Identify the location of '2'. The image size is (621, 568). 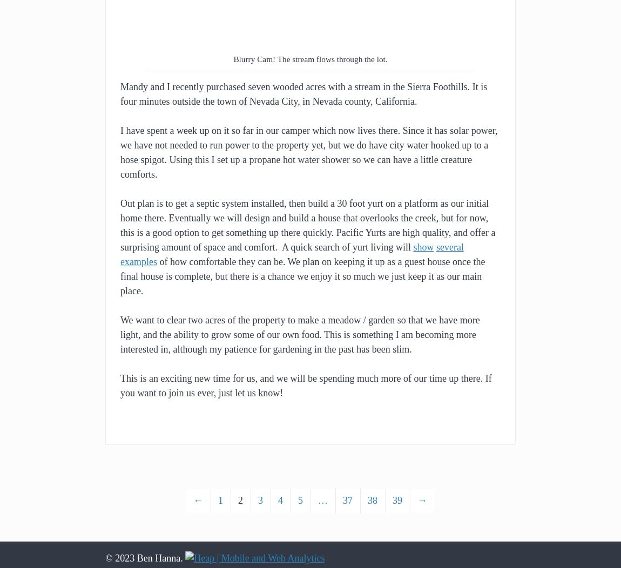
(240, 500).